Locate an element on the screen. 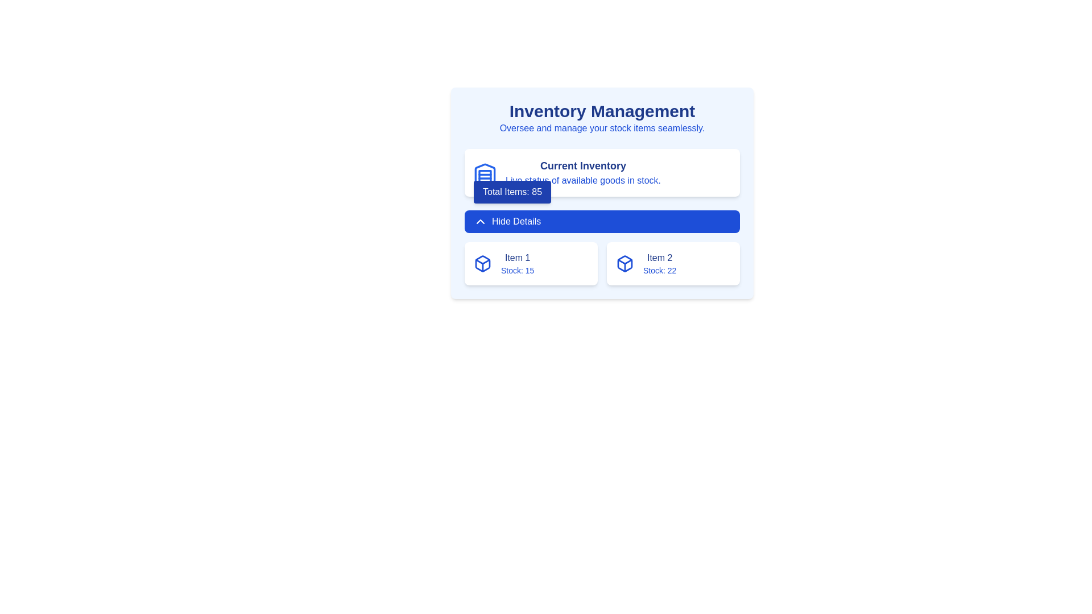 The image size is (1092, 614). the title and descriptive information text element of the inventory status, located above the blue button labeled 'Hide Details' and next to a blue icon resembling a house or warehouse is located at coordinates (602, 173).